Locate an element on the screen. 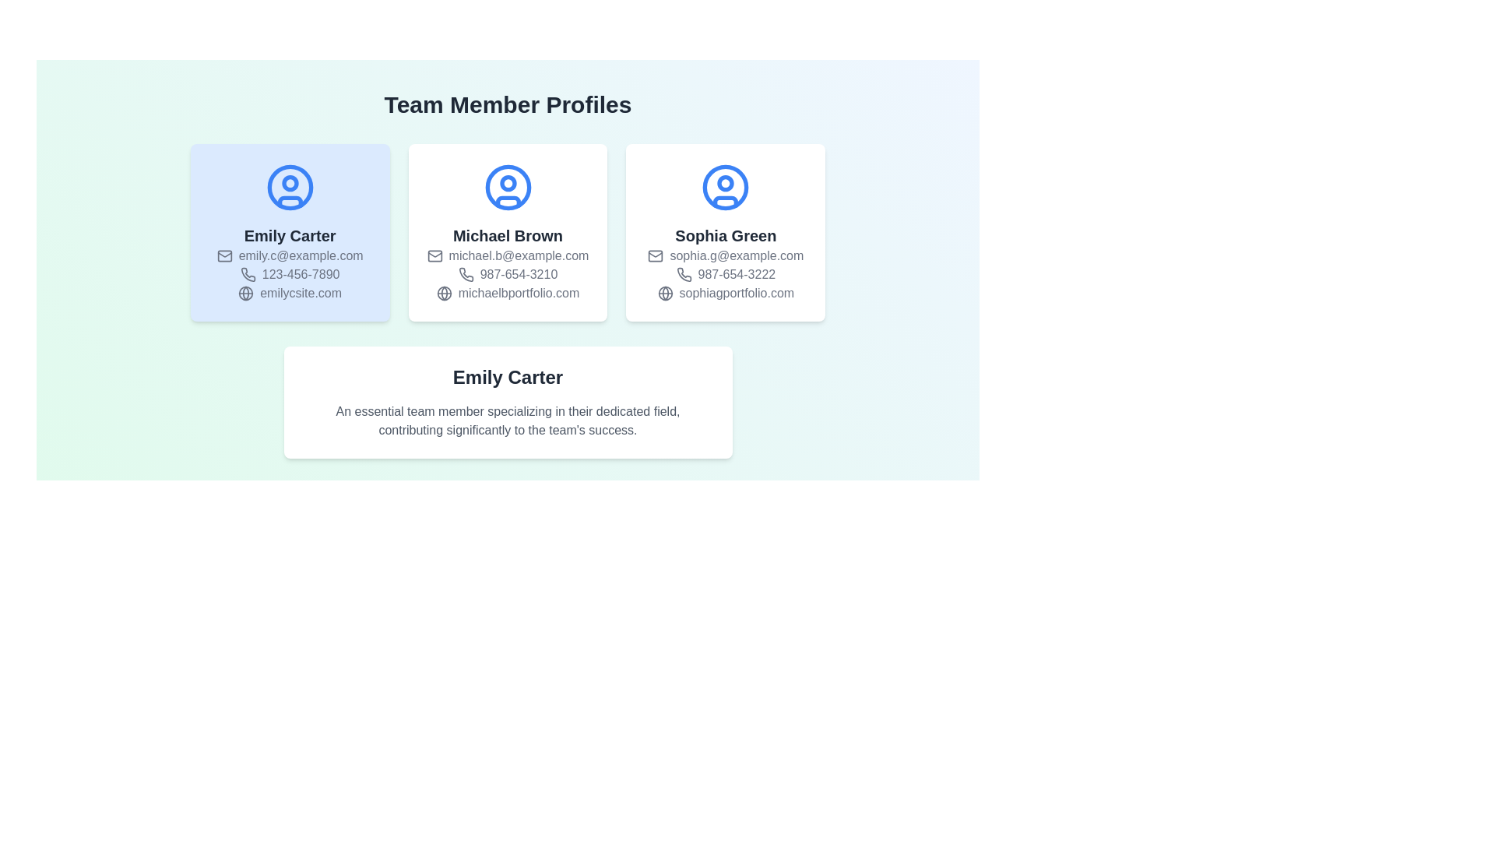 Image resolution: width=1495 pixels, height=841 pixels. the phone icon located to the left of the contact phone number '987-654-3222' for 'Sophia Green' is located at coordinates (684, 274).